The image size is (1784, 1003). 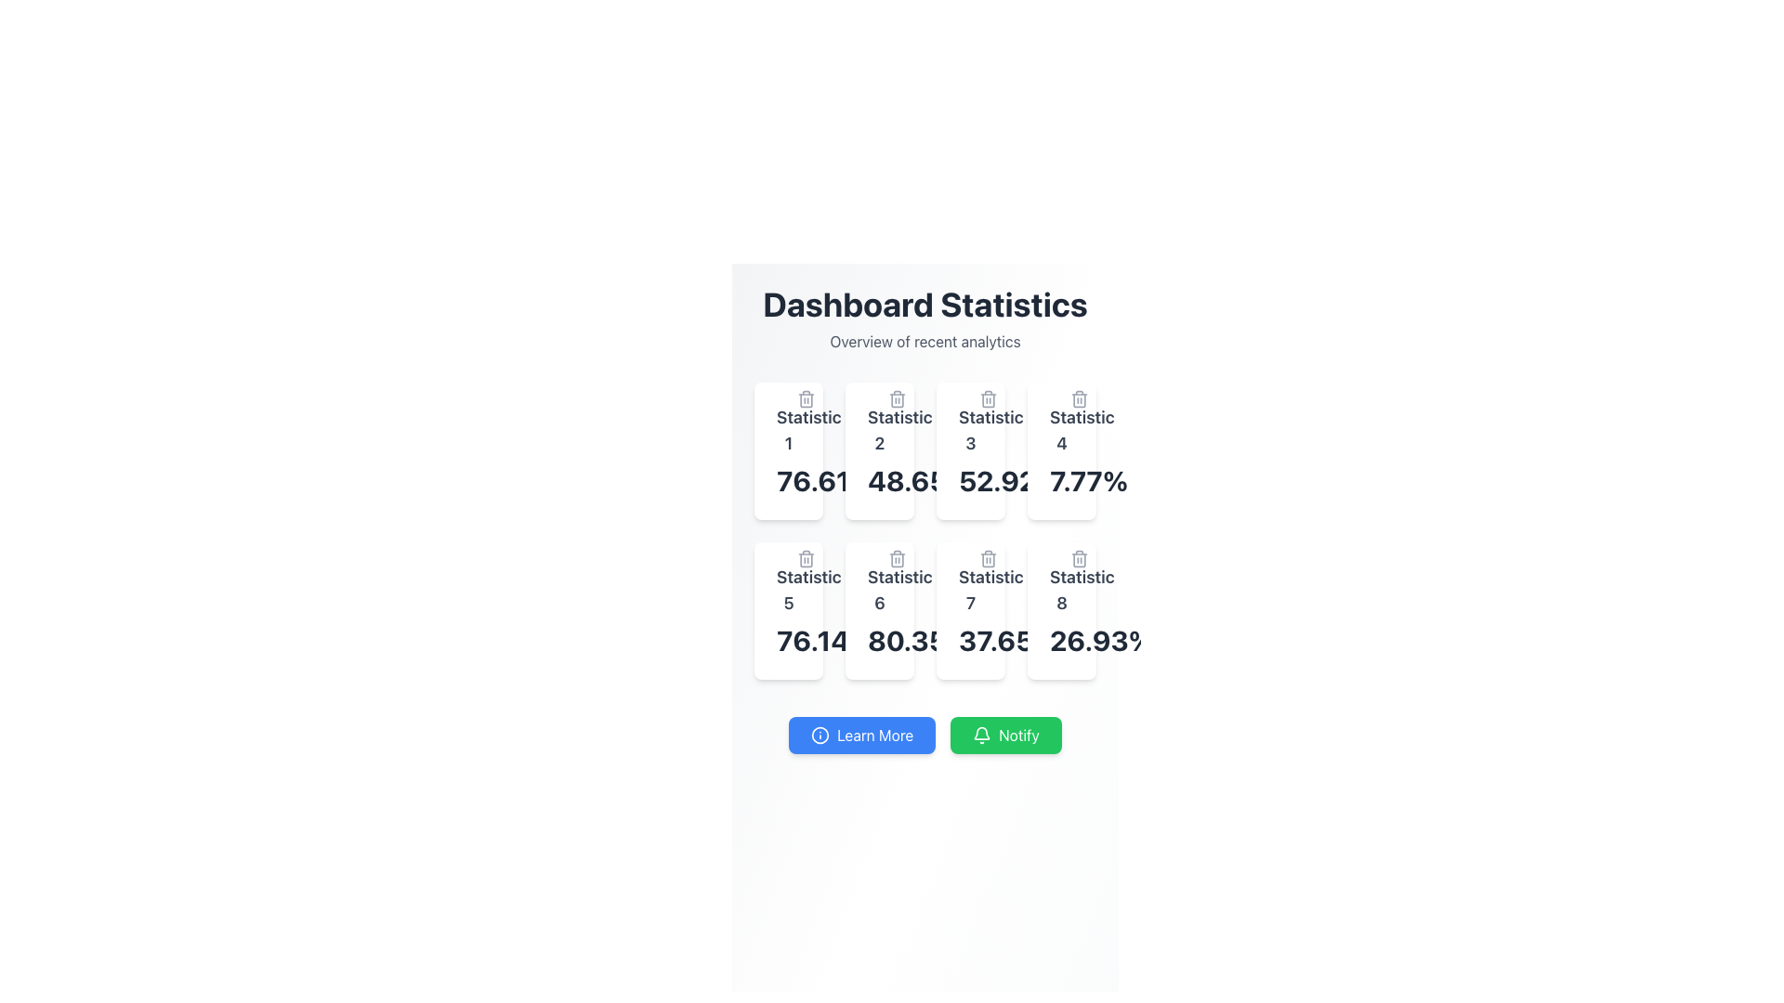 I want to click on the trash can icon button located at the top right corner of the card displaying 'Statistic 8' and '26.93%', so click(x=1079, y=557).